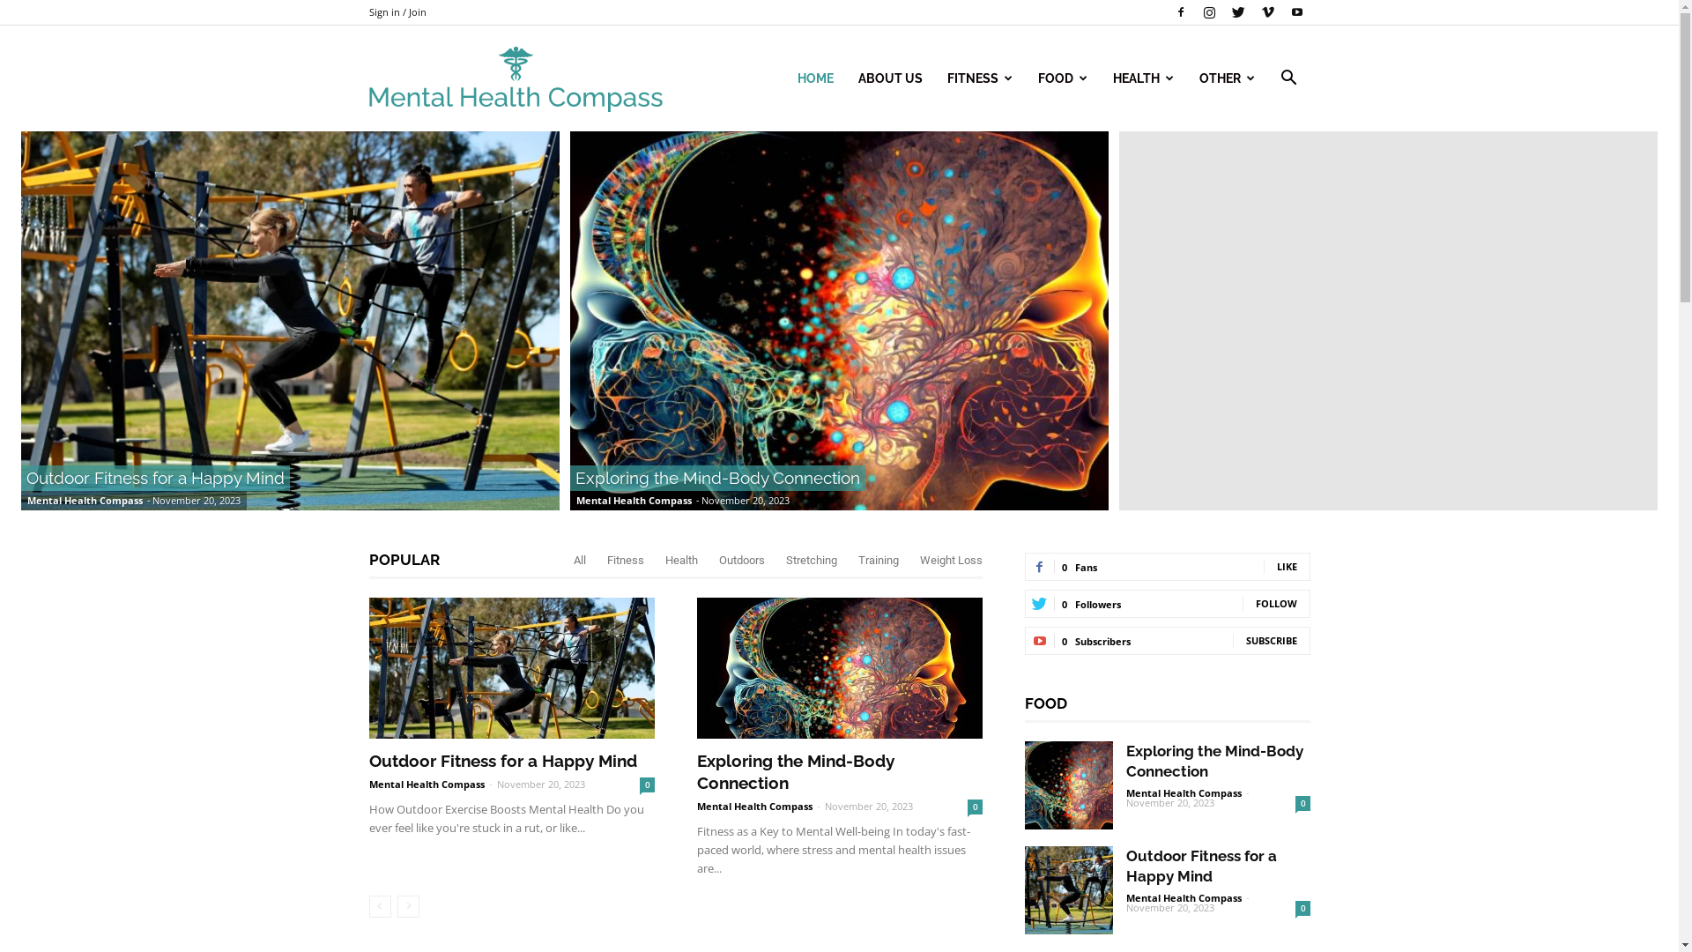  What do you see at coordinates (1286, 566) in the screenshot?
I see `'LIKE'` at bounding box center [1286, 566].